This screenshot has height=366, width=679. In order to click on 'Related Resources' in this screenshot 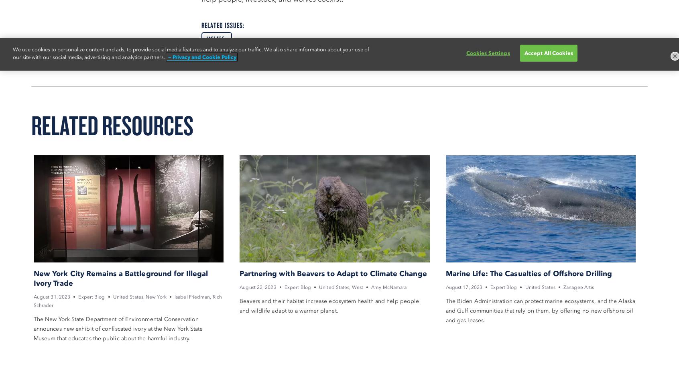, I will do `click(112, 124)`.